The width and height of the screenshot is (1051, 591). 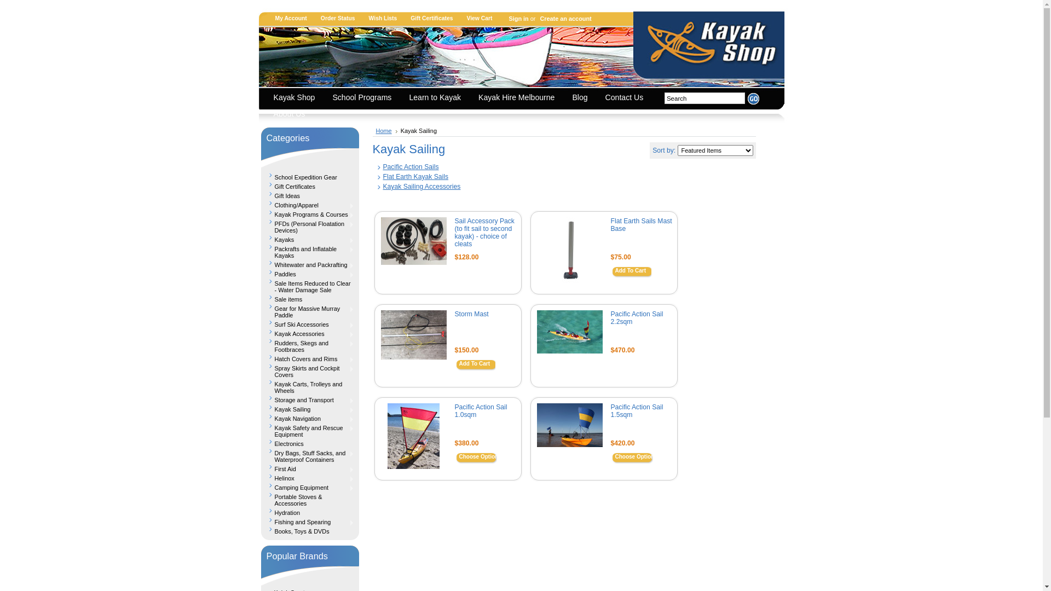 What do you see at coordinates (341, 18) in the screenshot?
I see `'Order Status'` at bounding box center [341, 18].